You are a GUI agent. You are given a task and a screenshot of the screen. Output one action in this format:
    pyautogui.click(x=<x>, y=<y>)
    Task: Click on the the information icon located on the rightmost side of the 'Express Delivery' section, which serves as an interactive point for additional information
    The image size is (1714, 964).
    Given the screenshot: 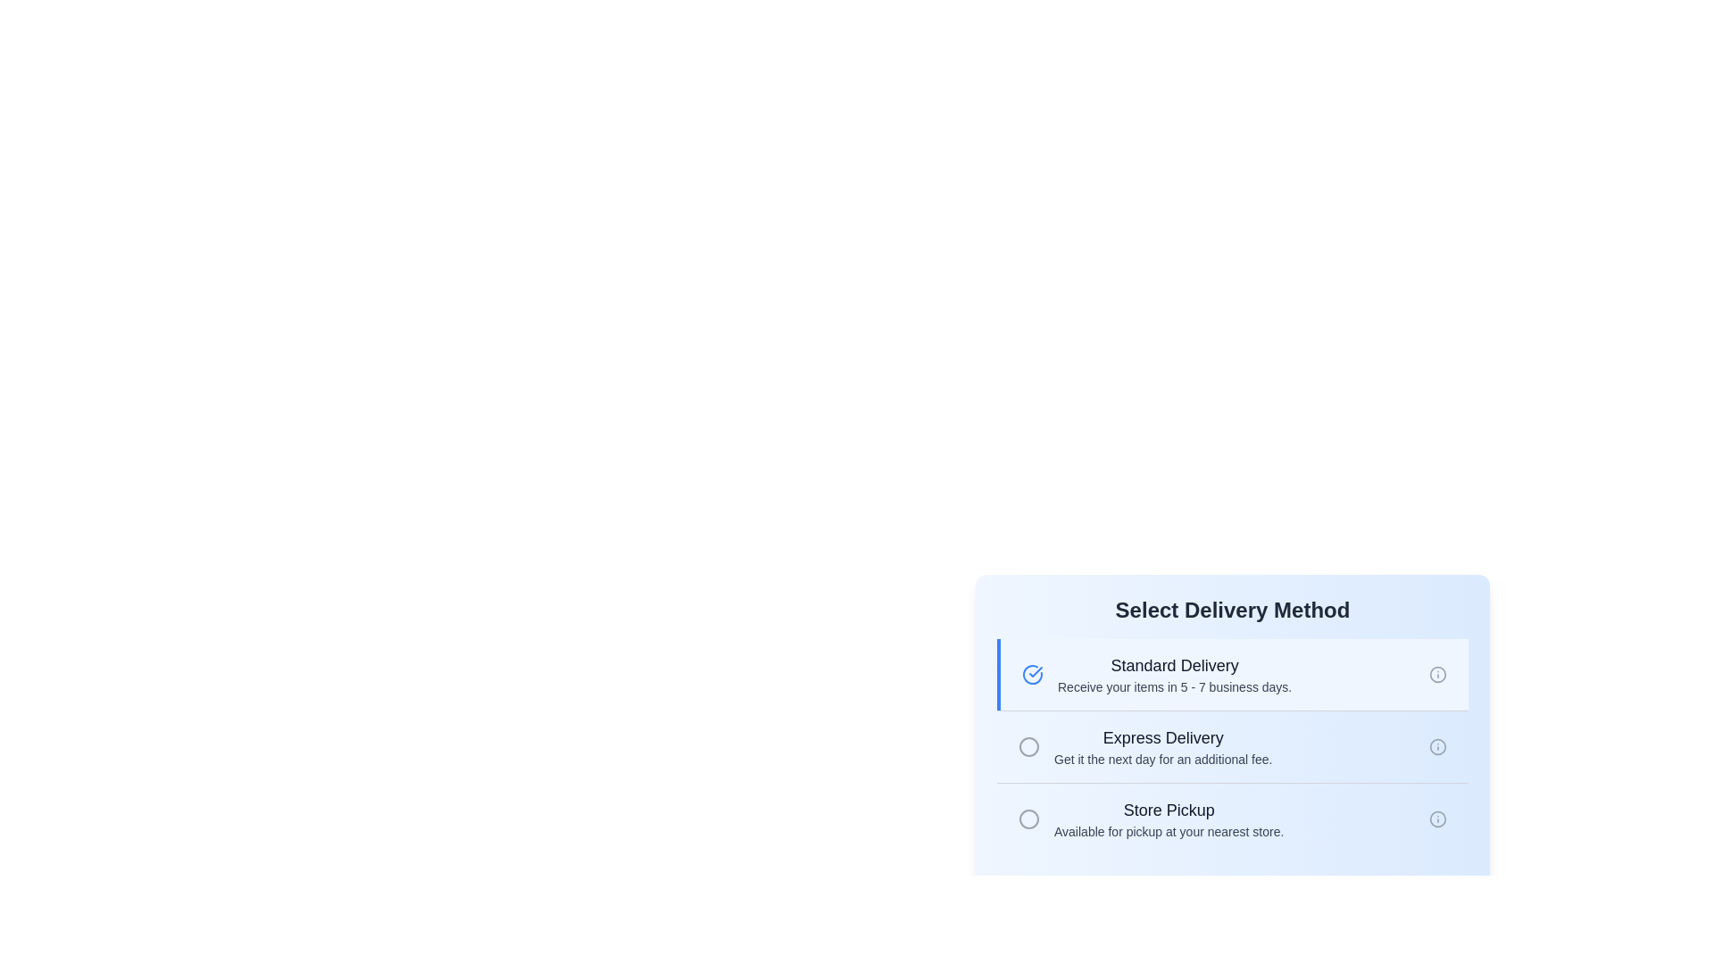 What is the action you would take?
    pyautogui.click(x=1438, y=747)
    